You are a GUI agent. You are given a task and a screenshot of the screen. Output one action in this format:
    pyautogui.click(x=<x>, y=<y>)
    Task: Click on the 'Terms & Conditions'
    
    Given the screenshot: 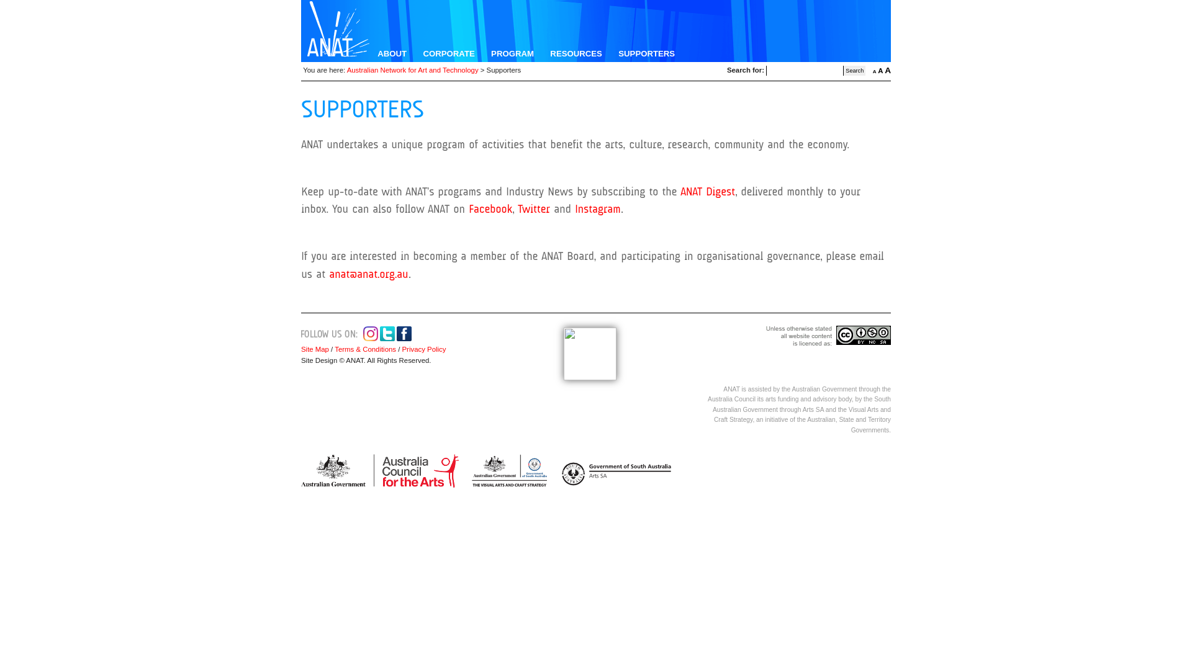 What is the action you would take?
    pyautogui.click(x=364, y=349)
    